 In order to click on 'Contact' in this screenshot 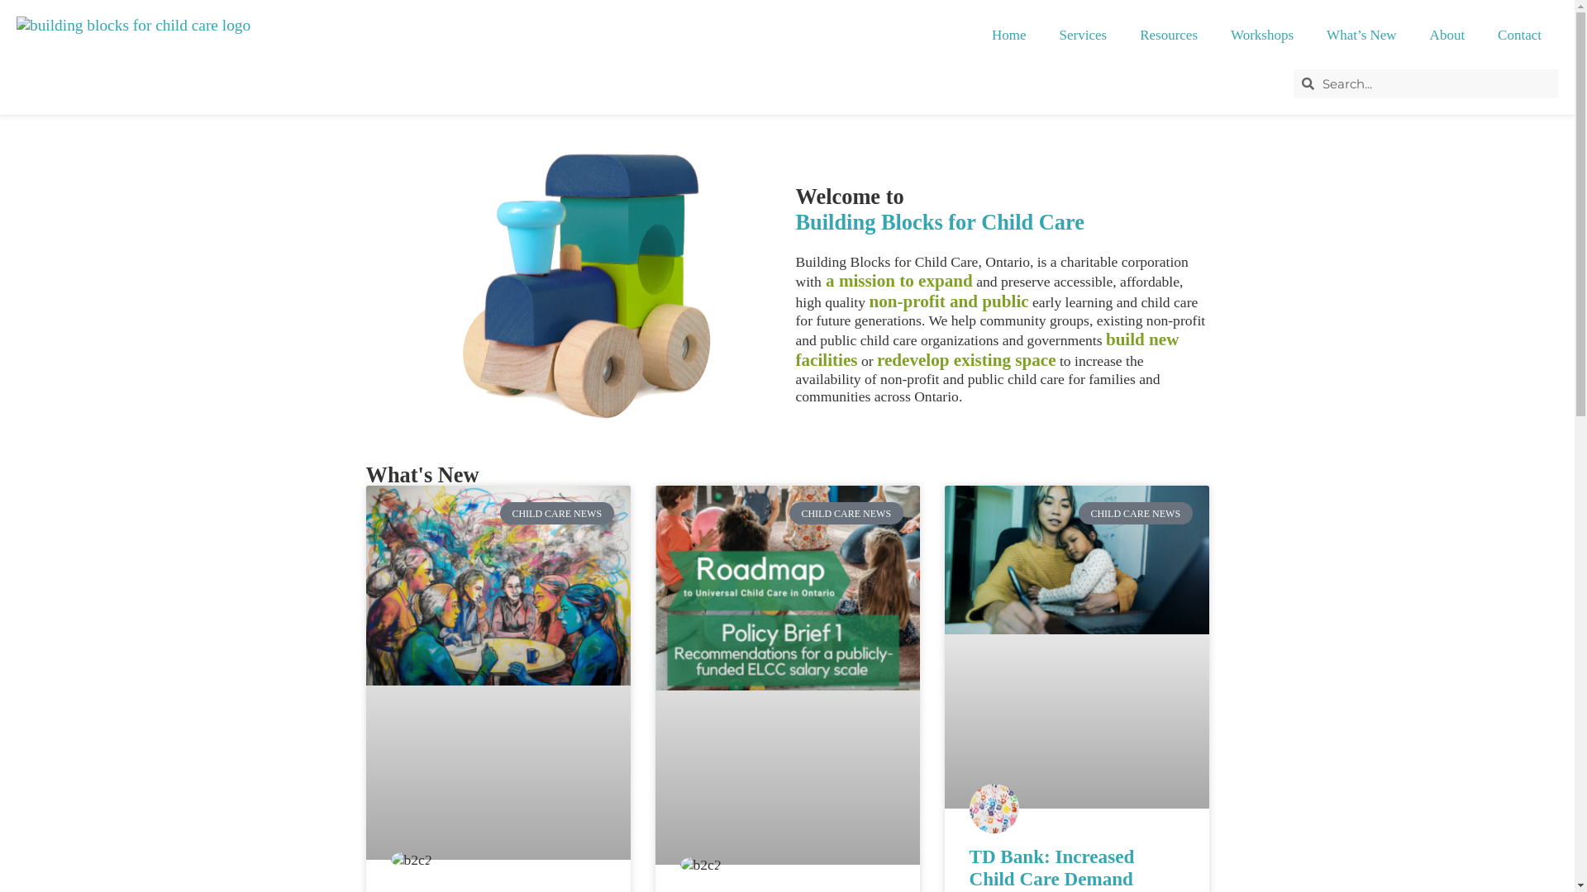, I will do `click(1519, 35)`.